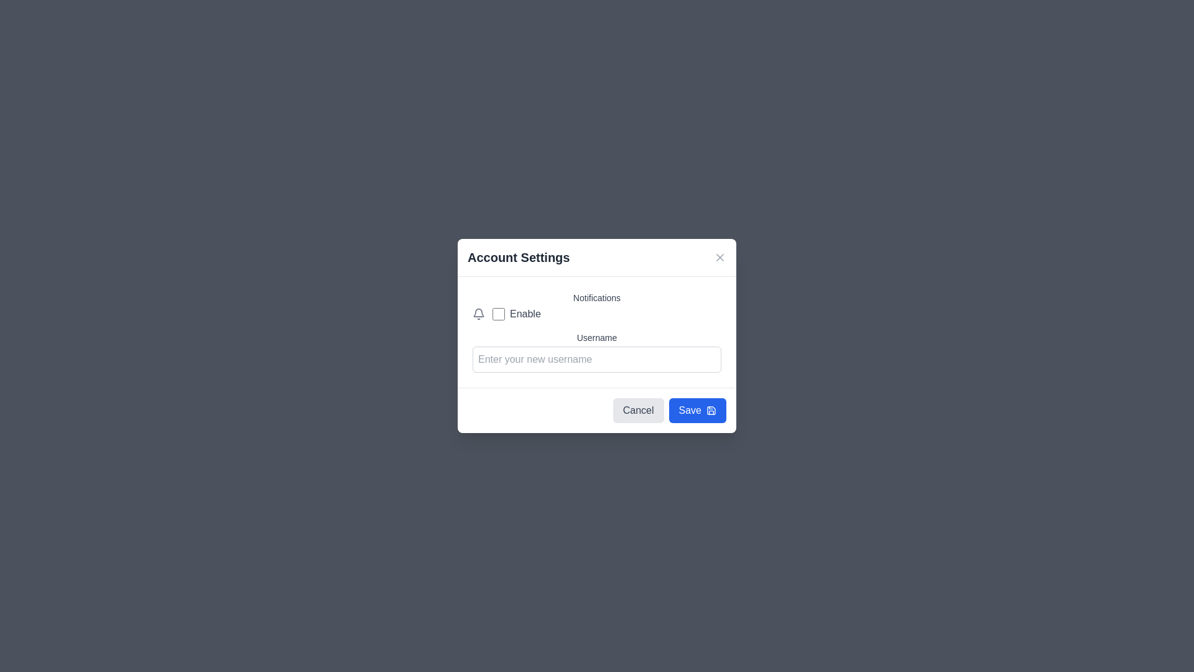  What do you see at coordinates (697, 410) in the screenshot?
I see `the 'Save' button located in the lower right corner of the 'Account Settings' dialog` at bounding box center [697, 410].